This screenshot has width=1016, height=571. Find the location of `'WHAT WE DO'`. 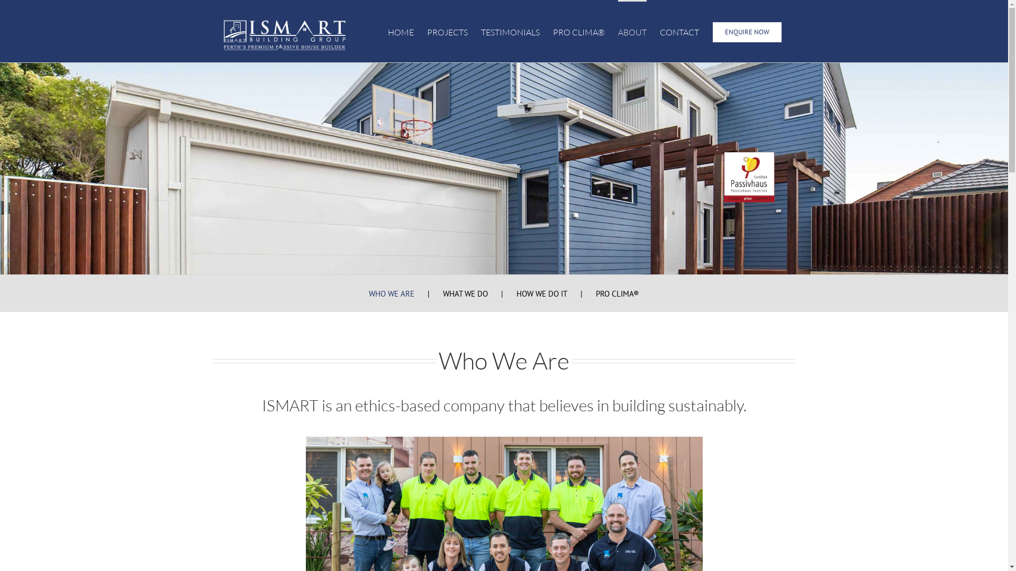

'WHAT WE DO' is located at coordinates (479, 294).